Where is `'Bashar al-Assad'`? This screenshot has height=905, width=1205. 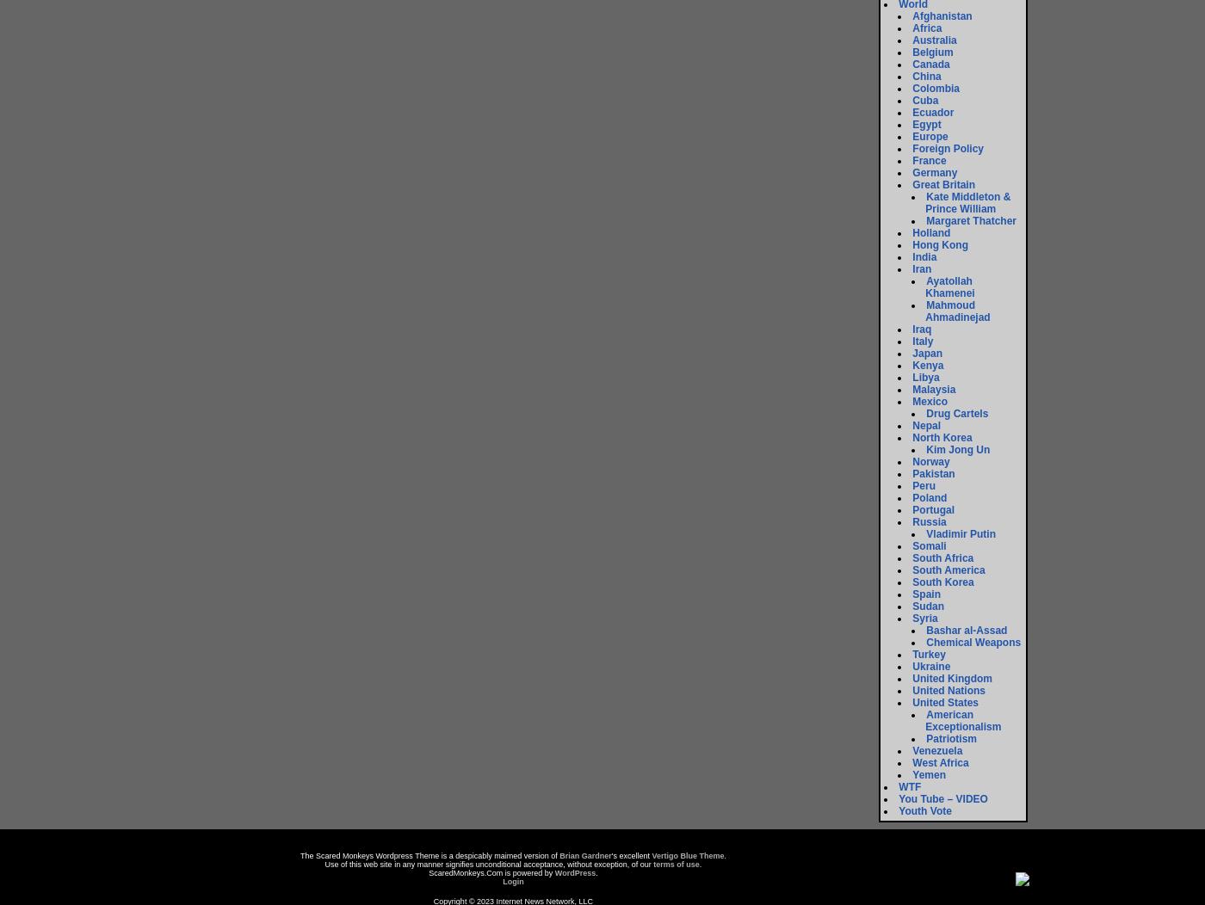 'Bashar al-Assad' is located at coordinates (966, 631).